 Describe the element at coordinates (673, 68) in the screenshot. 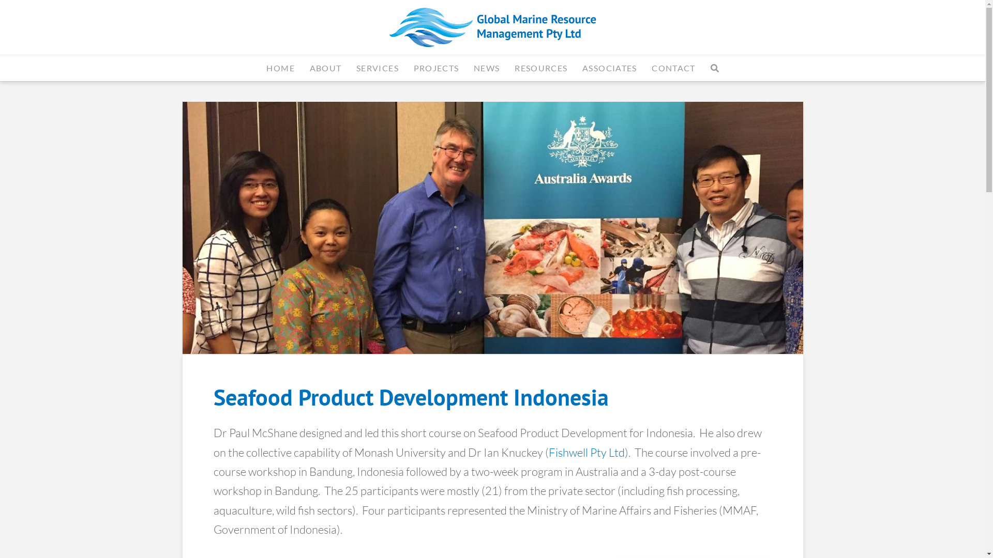

I see `'CONTACT'` at that location.